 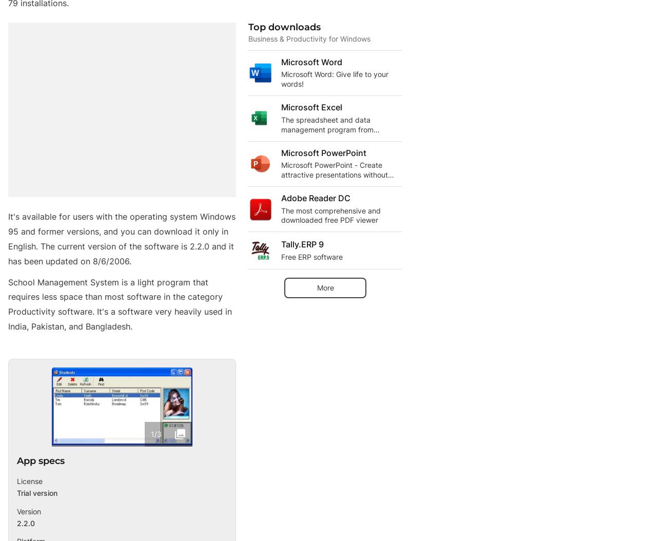 I want to click on 'Cookie Policy', so click(x=318, y=414).